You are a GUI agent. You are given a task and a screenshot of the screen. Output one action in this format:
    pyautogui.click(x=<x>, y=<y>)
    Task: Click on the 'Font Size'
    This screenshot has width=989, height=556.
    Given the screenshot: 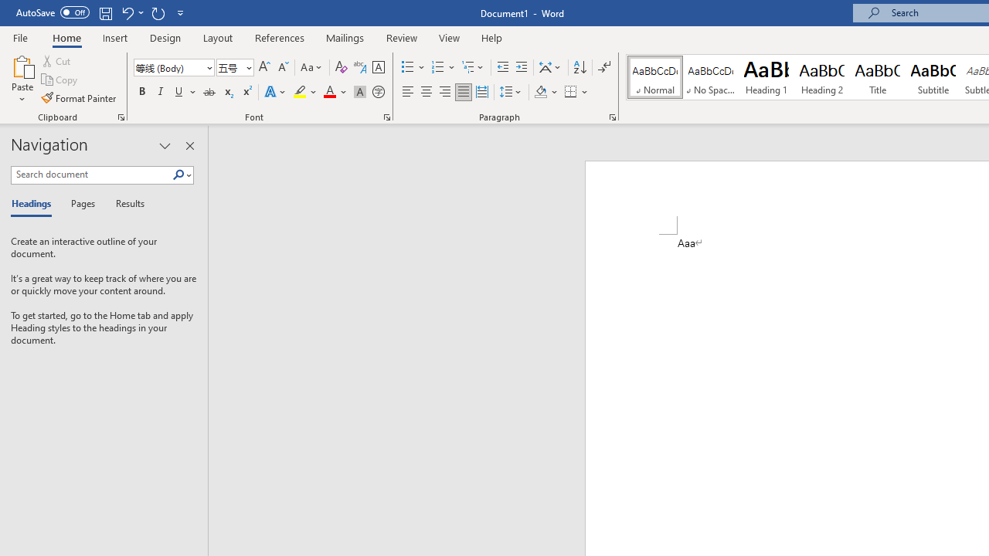 What is the action you would take?
    pyautogui.click(x=234, y=66)
    